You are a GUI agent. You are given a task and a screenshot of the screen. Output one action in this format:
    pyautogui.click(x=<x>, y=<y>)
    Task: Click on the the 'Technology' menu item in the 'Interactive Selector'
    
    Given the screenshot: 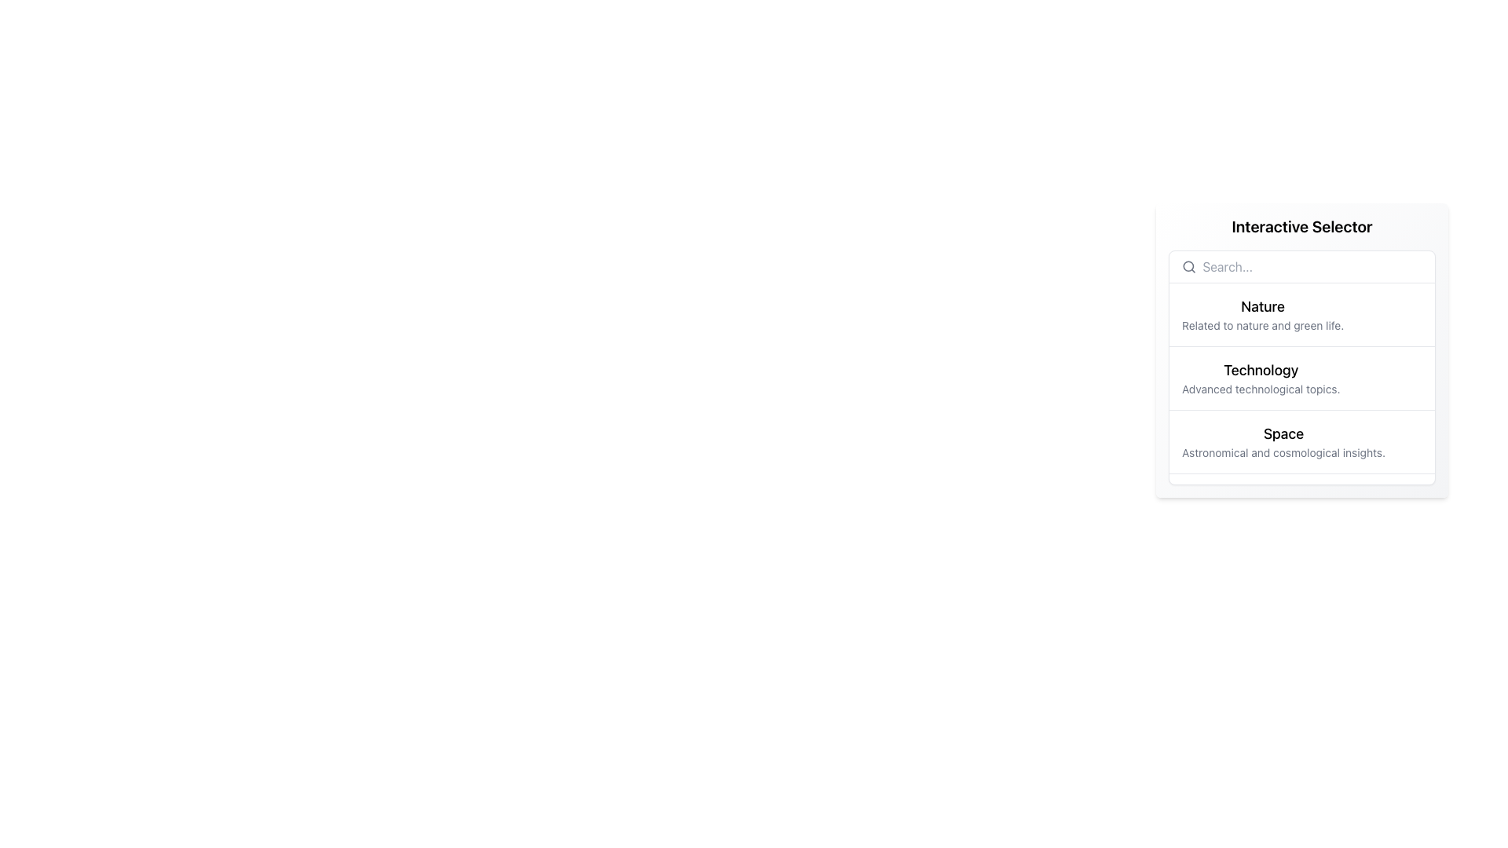 What is the action you would take?
    pyautogui.click(x=1261, y=378)
    